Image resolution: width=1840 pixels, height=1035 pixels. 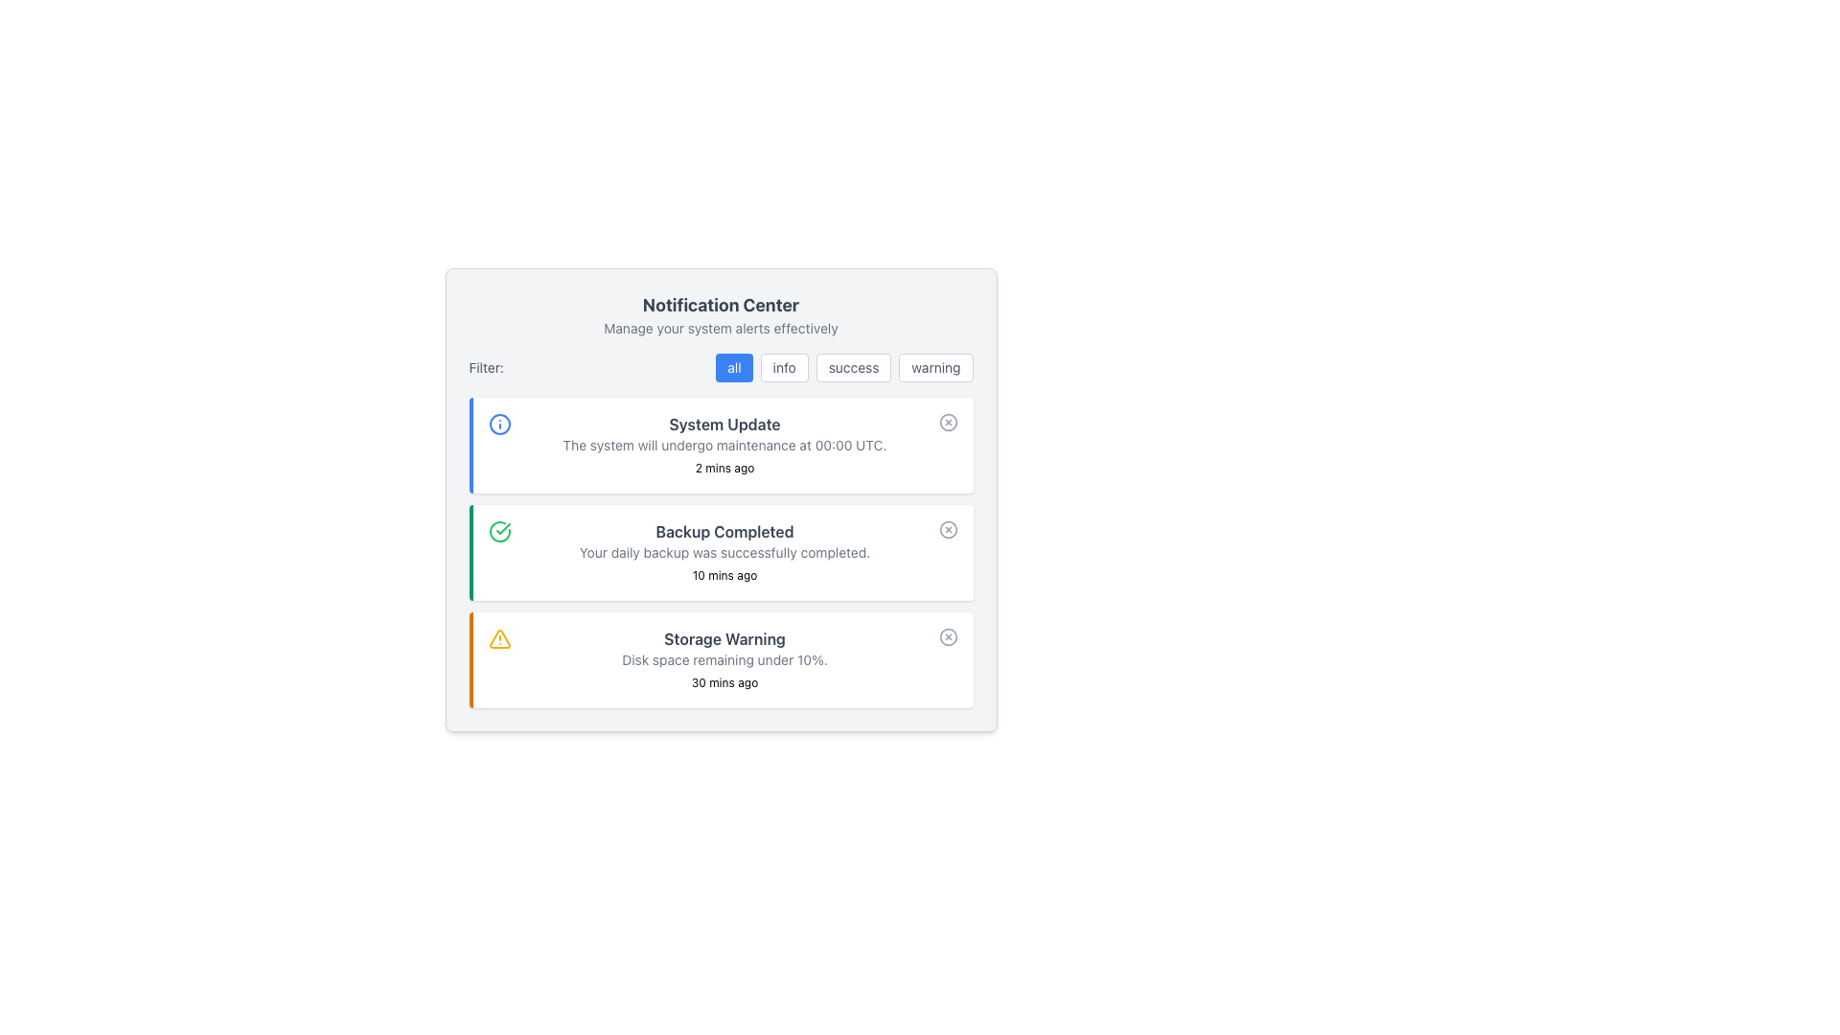 What do you see at coordinates (720, 368) in the screenshot?
I see `the 'all' button in the horizontally aligned button group labeled 'Filter:'` at bounding box center [720, 368].